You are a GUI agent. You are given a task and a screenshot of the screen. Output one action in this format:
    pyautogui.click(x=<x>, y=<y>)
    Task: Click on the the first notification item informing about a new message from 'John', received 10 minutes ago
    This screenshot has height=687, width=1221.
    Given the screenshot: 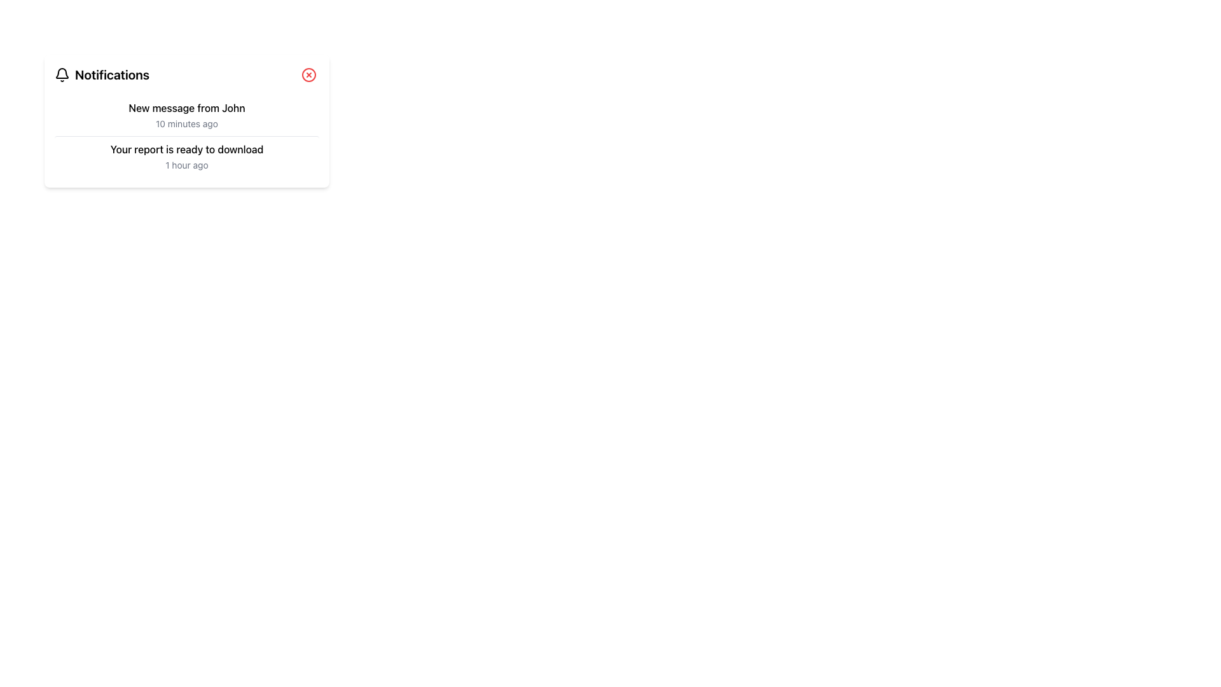 What is the action you would take?
    pyautogui.click(x=186, y=115)
    